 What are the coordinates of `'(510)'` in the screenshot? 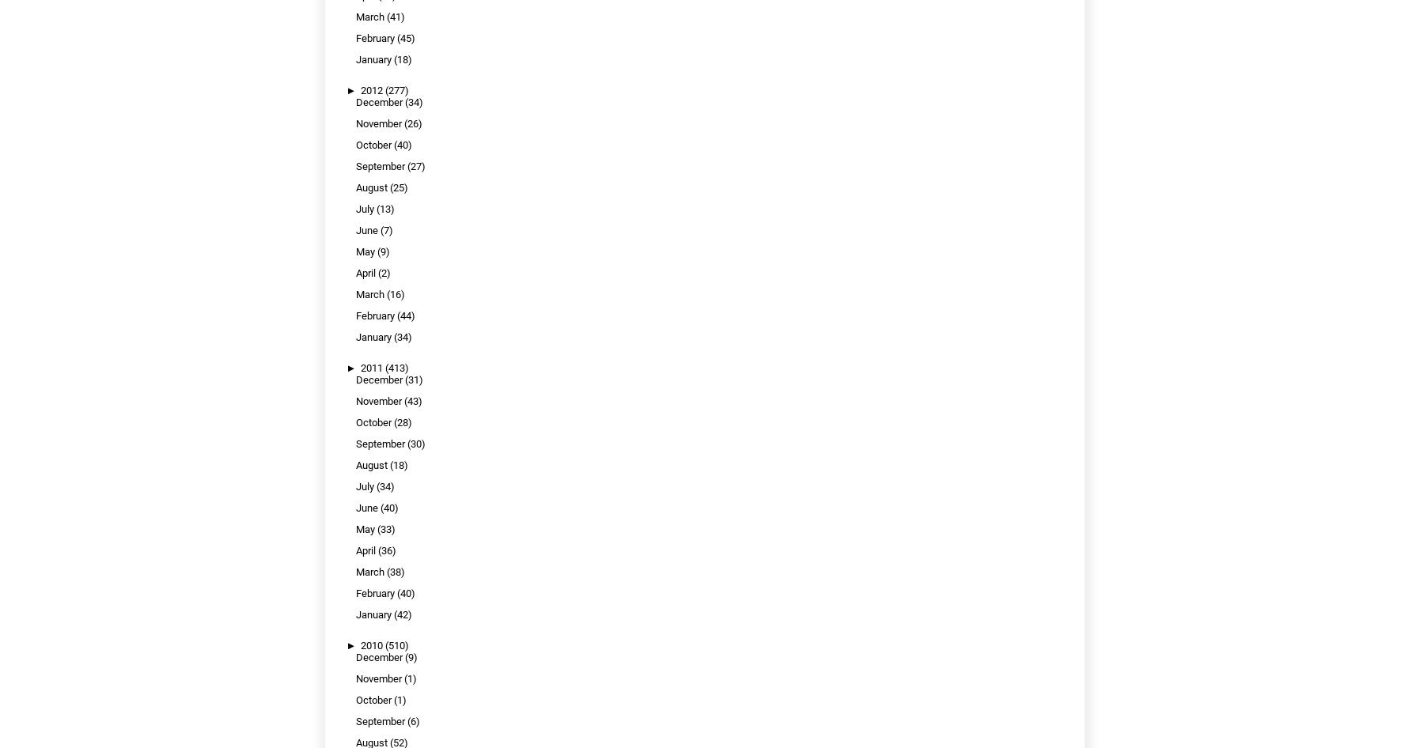 It's located at (397, 645).